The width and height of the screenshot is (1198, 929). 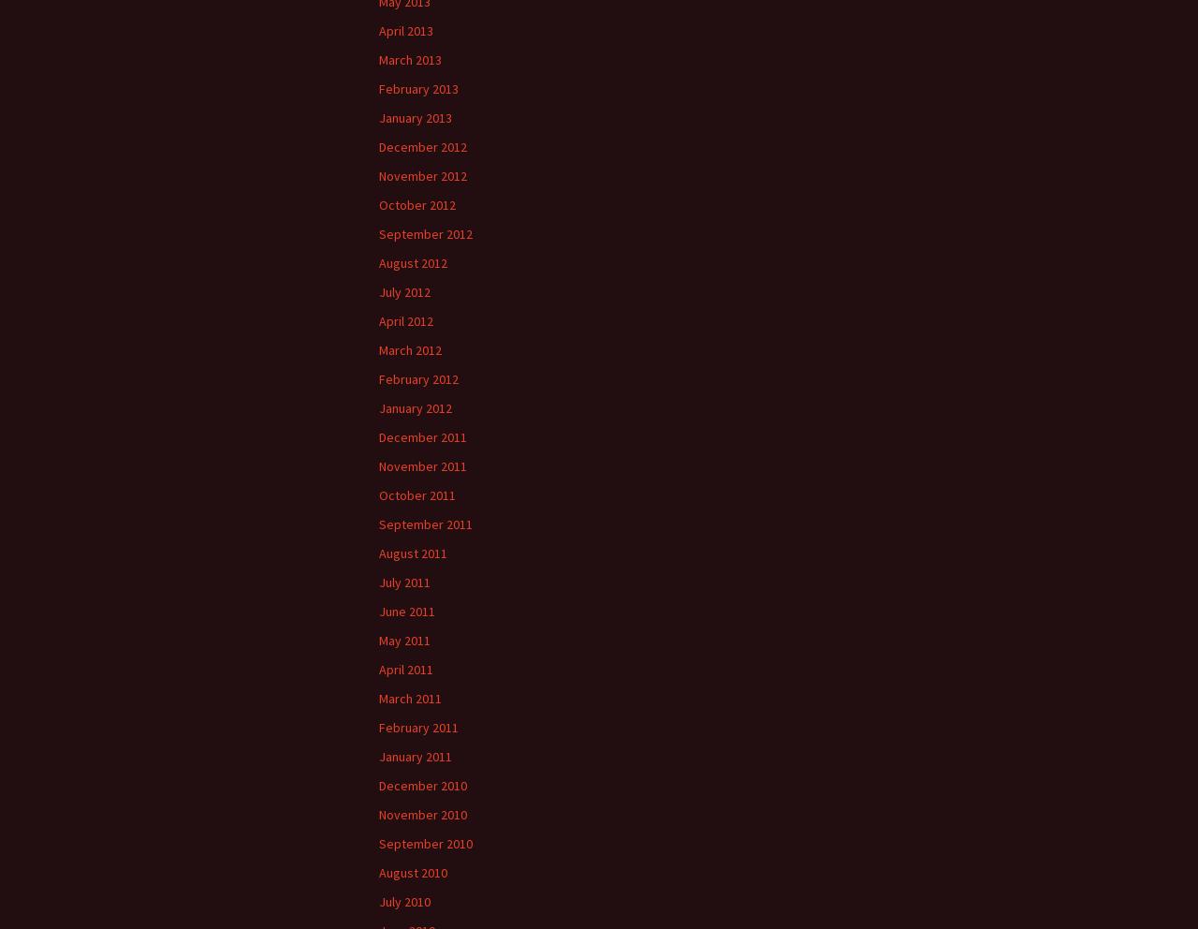 What do you see at coordinates (412, 262) in the screenshot?
I see `'August 2012'` at bounding box center [412, 262].